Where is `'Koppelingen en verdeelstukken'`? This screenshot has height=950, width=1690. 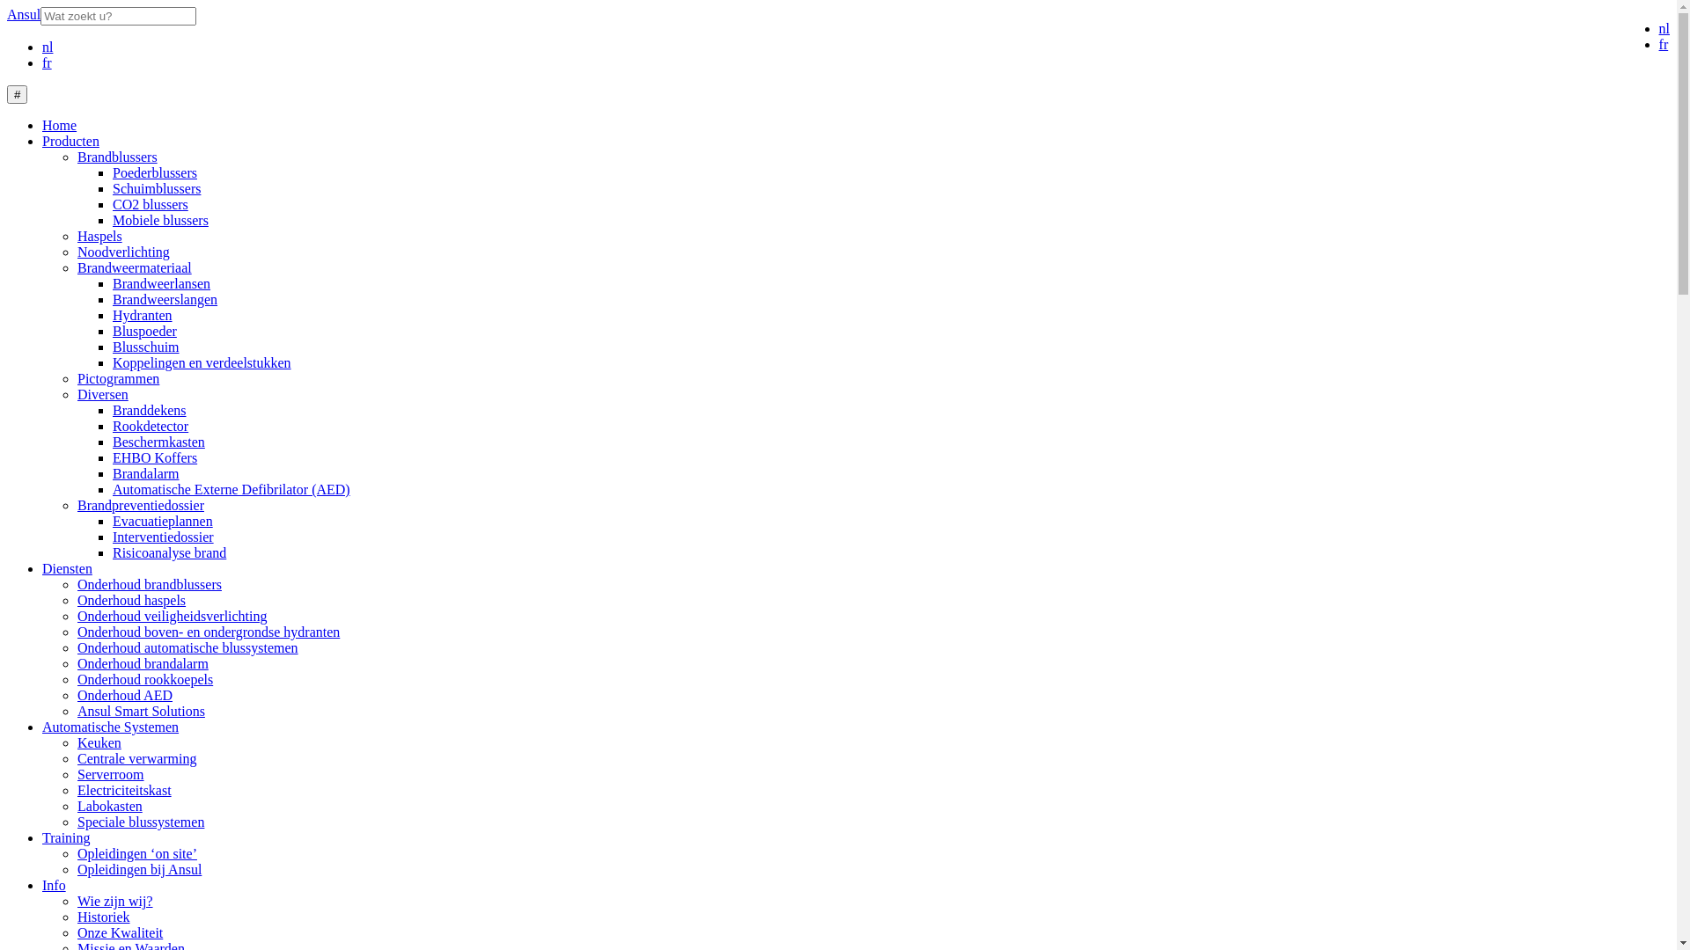 'Koppelingen en verdeelstukken' is located at coordinates (112, 362).